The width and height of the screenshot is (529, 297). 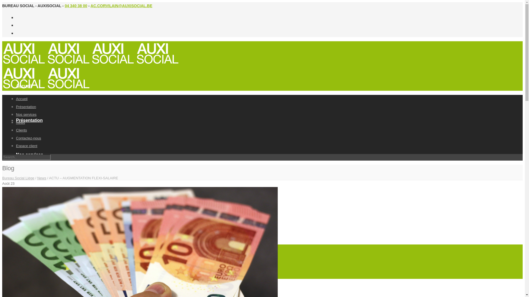 What do you see at coordinates (29, 155) in the screenshot?
I see `'Nos services'` at bounding box center [29, 155].